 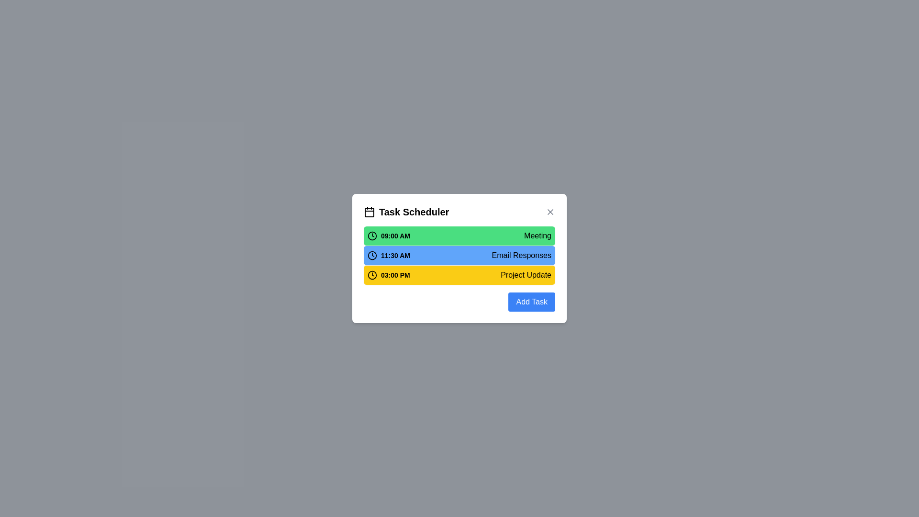 What do you see at coordinates (531, 302) in the screenshot?
I see `the 'Add Task' button` at bounding box center [531, 302].